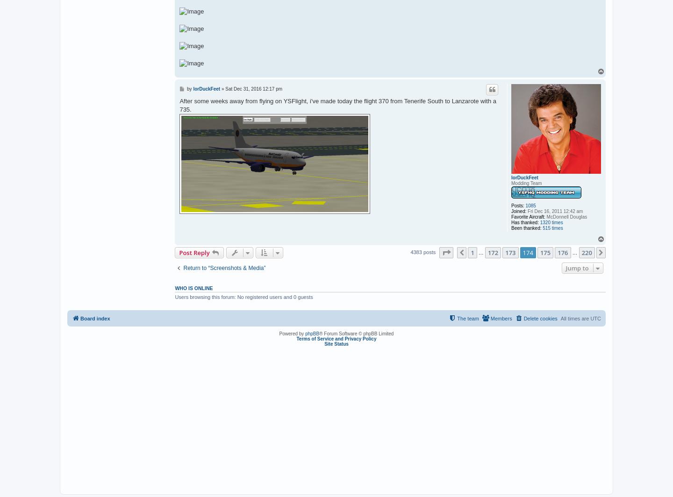 This screenshot has width=673, height=497. What do you see at coordinates (523, 319) in the screenshot?
I see `'Delete cookies'` at bounding box center [523, 319].